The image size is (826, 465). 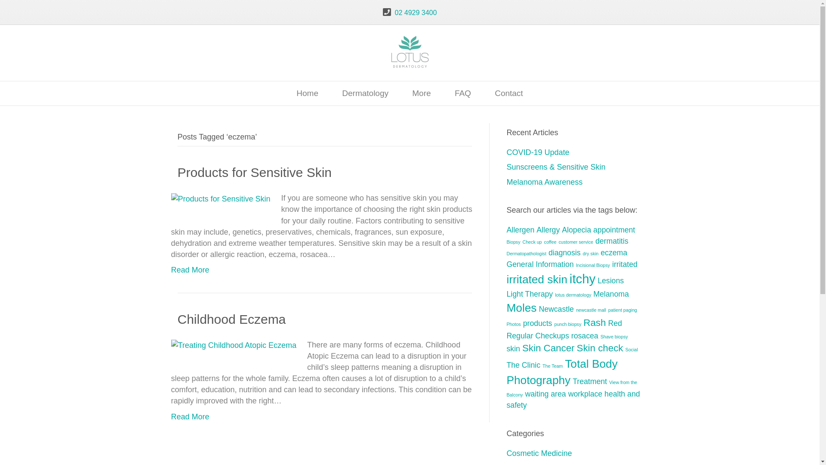 What do you see at coordinates (600, 336) in the screenshot?
I see `'Shave biopsy'` at bounding box center [600, 336].